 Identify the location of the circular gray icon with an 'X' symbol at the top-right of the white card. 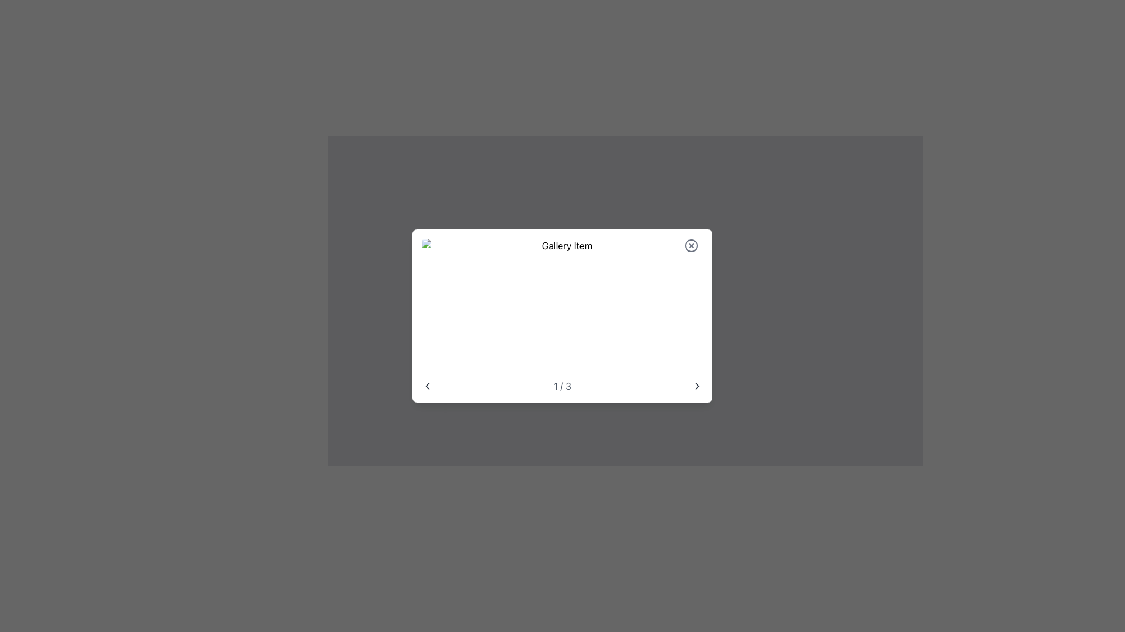
(691, 245).